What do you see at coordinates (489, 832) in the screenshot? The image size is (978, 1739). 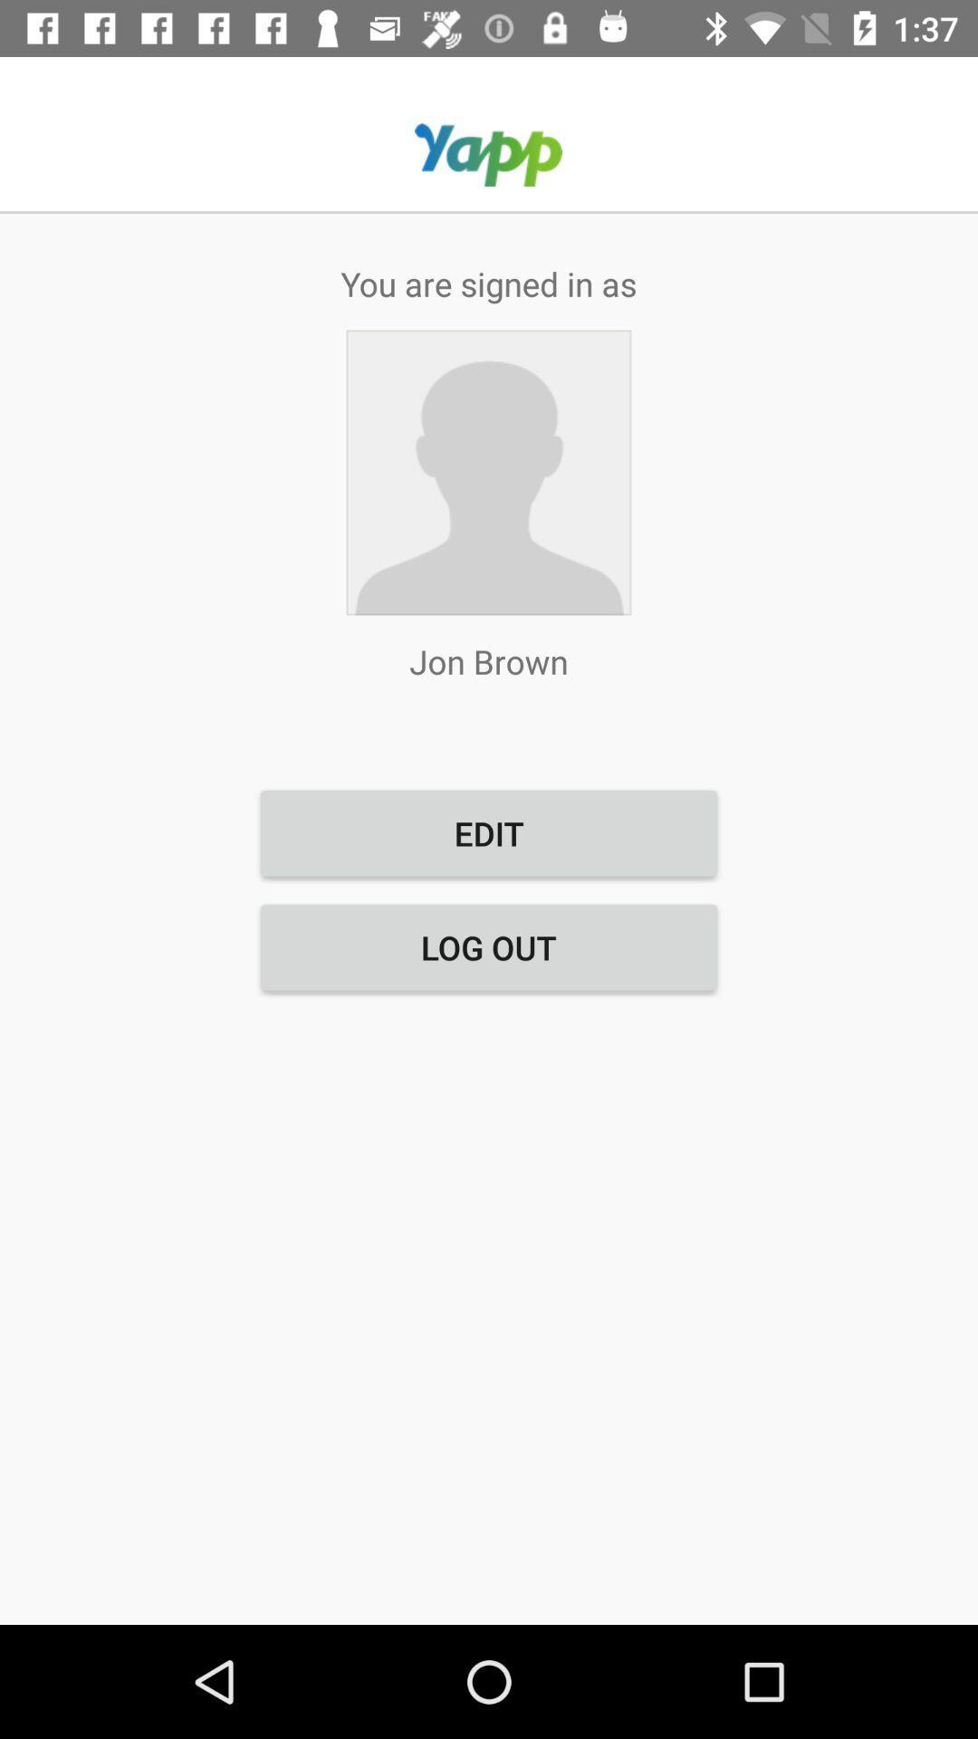 I see `the item above log out button` at bounding box center [489, 832].